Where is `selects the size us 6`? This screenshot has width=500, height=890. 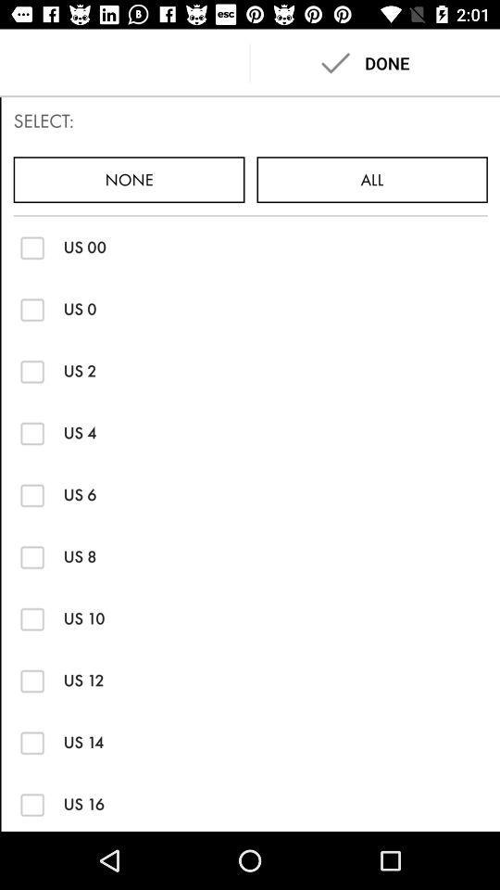 selects the size us 6 is located at coordinates (32, 494).